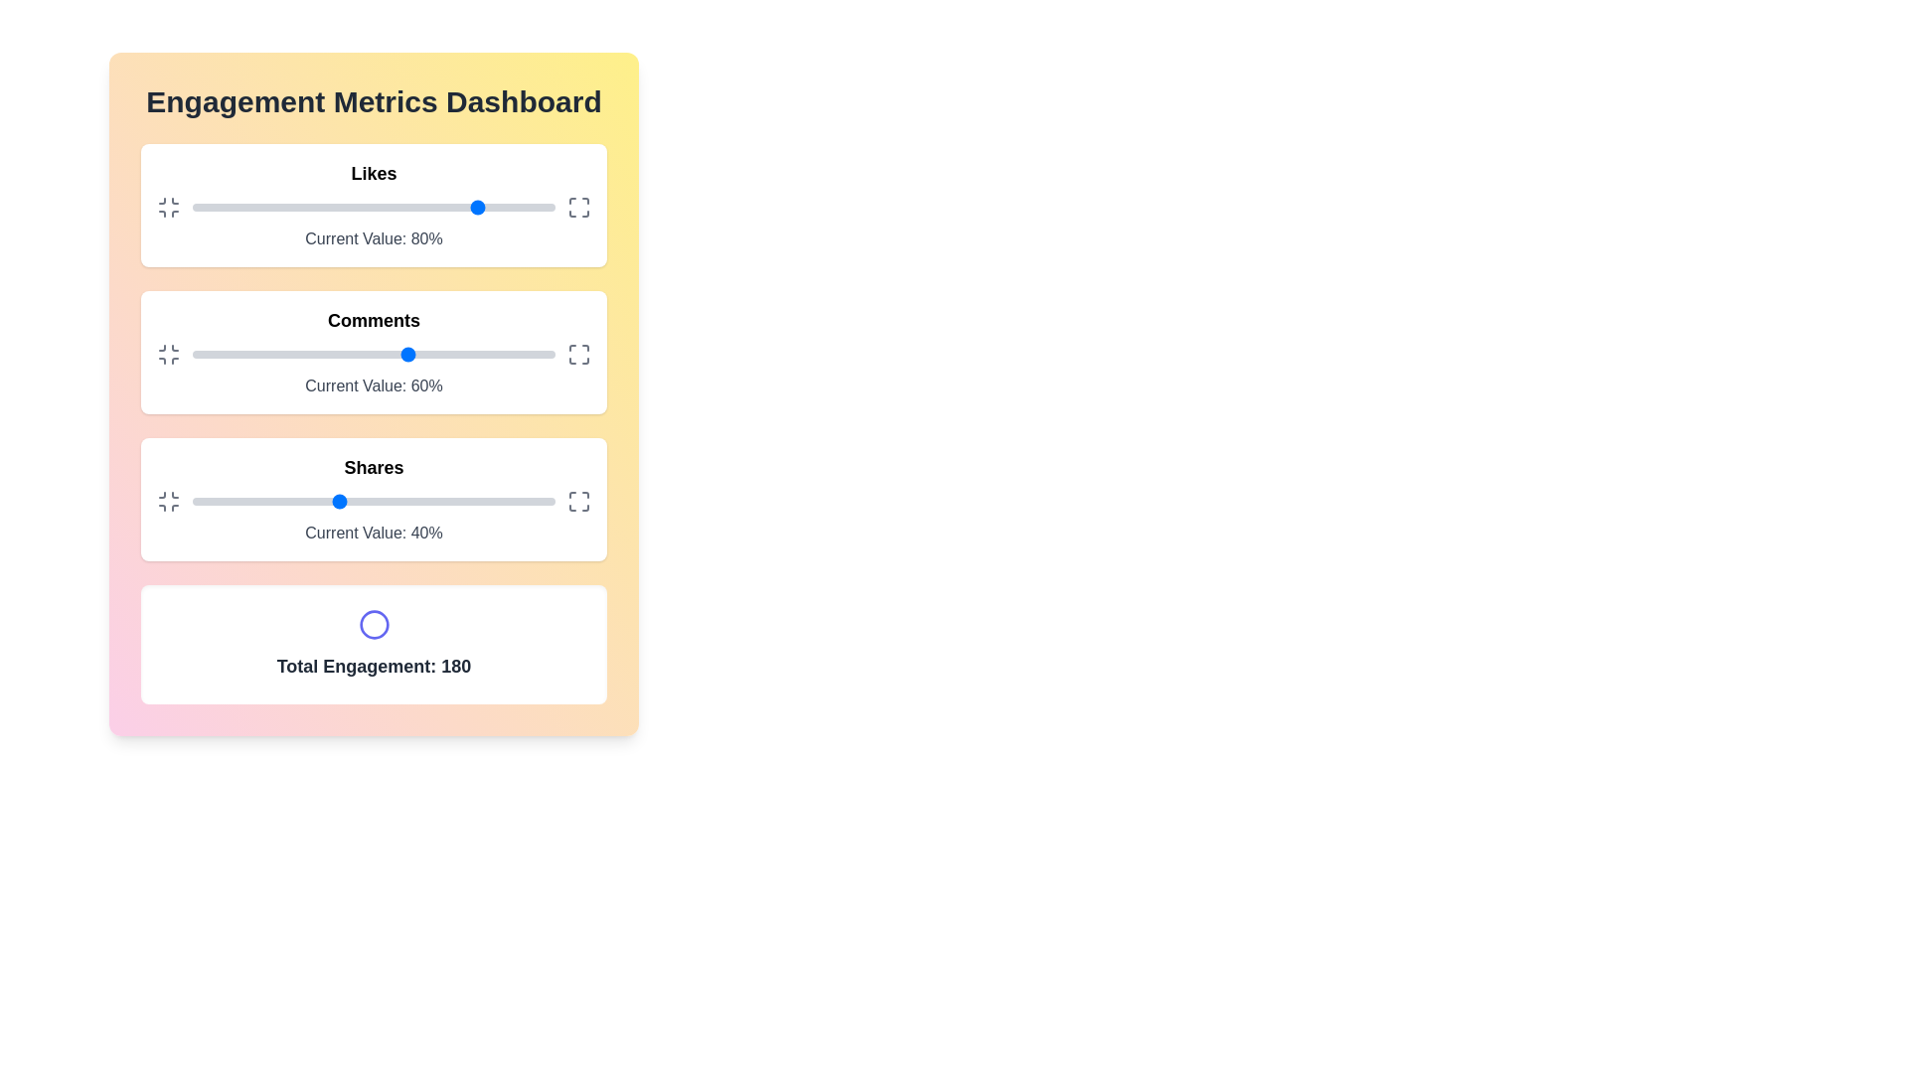 This screenshot has width=1908, height=1073. I want to click on the comments slider, so click(363, 354).